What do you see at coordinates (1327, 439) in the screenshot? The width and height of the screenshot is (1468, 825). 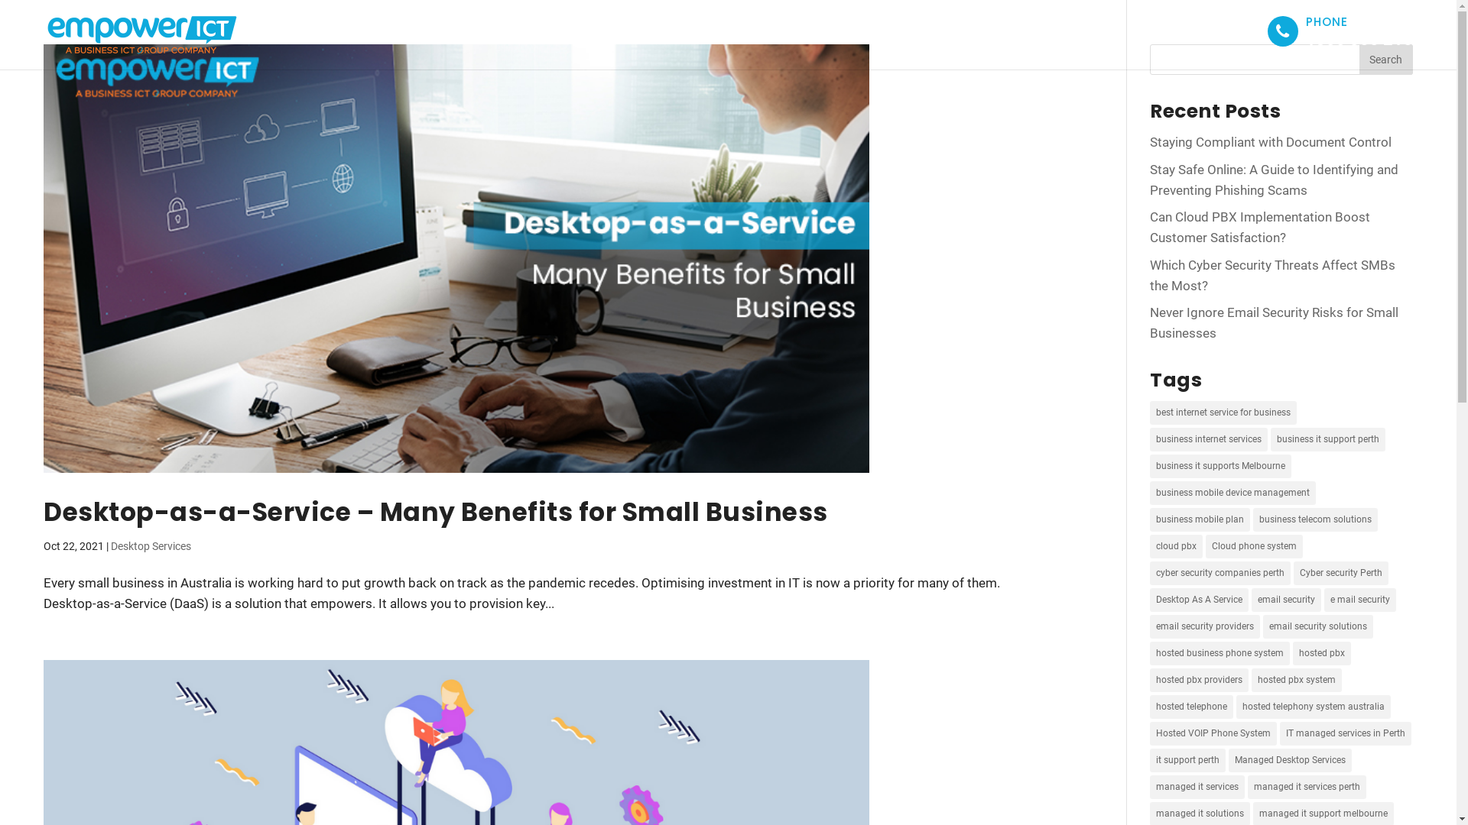 I see `'business it support perth'` at bounding box center [1327, 439].